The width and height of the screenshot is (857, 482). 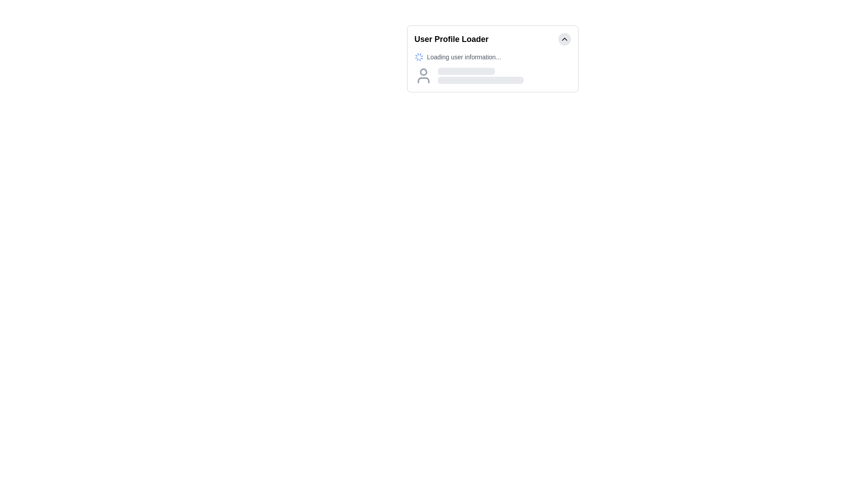 What do you see at coordinates (464, 57) in the screenshot?
I see `the Informative Text element that indicates the loading state of user information, positioned adjacent to the spinning icon and above the user profile placeholder` at bounding box center [464, 57].